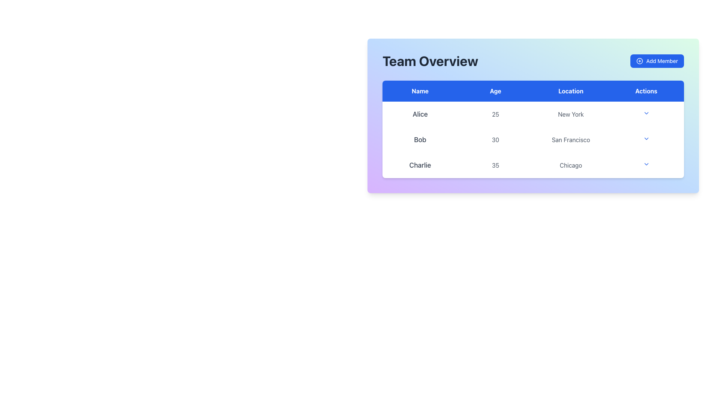 Image resolution: width=720 pixels, height=405 pixels. I want to click on the small blue downward-pointing arrow icon at the end of the row for 'Alice25New York' in the 'Actions' column, so click(646, 114).